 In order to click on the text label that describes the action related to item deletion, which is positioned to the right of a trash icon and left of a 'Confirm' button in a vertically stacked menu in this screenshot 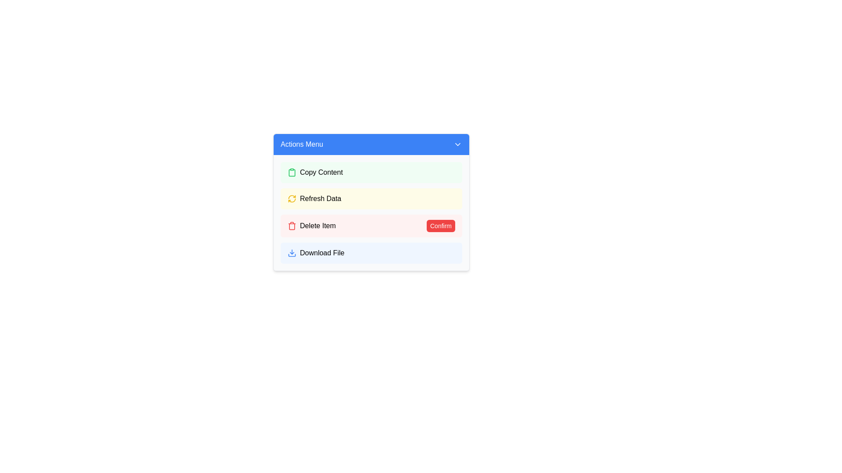, I will do `click(317, 226)`.